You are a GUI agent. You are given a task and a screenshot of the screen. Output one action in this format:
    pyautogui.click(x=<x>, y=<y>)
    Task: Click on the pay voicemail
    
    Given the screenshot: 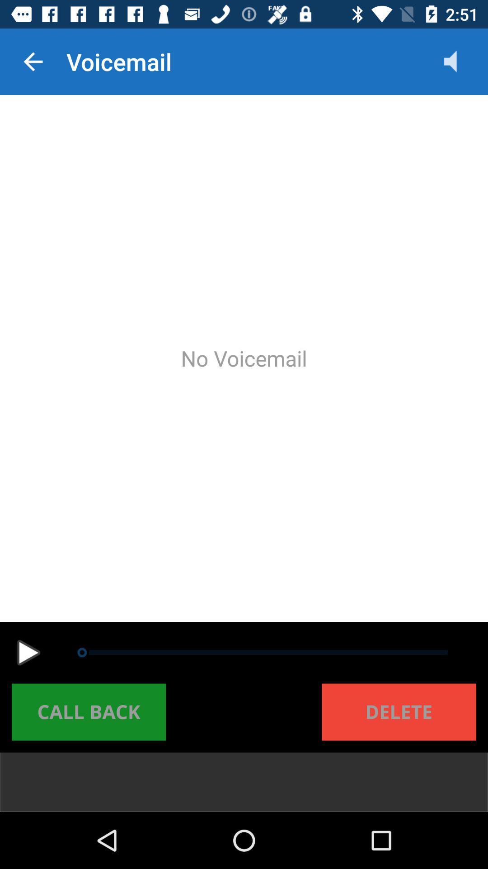 What is the action you would take?
    pyautogui.click(x=28, y=653)
    